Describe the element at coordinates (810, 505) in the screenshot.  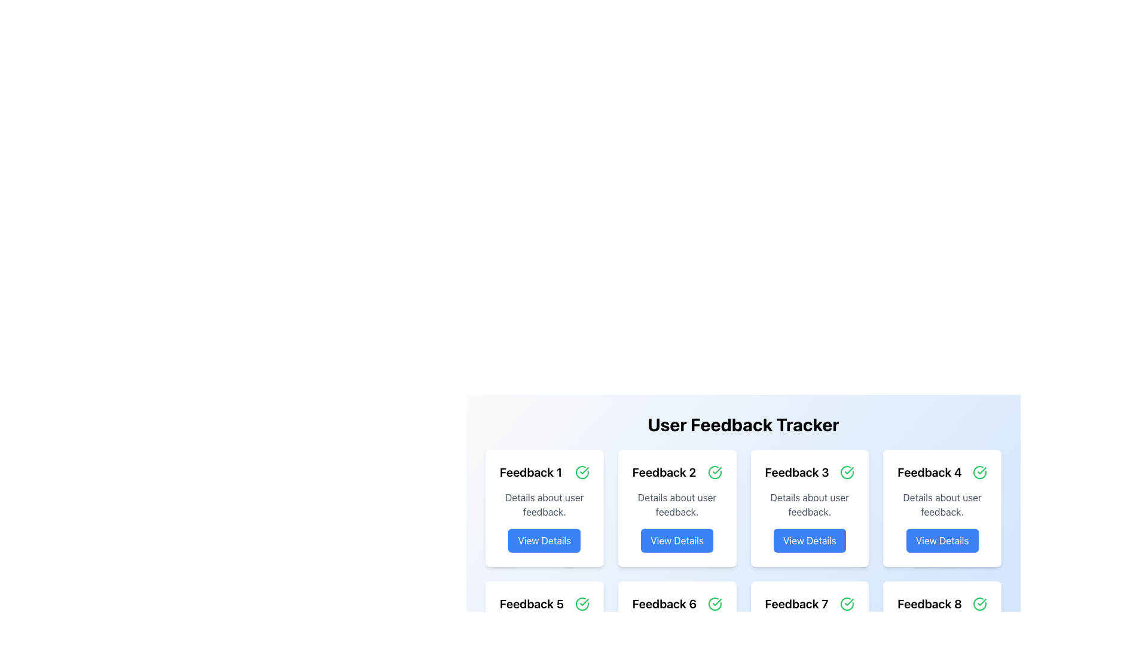
I see `the text label located beneath the header 'Feedback 3' and above the 'View Details' button within the card layout` at that location.